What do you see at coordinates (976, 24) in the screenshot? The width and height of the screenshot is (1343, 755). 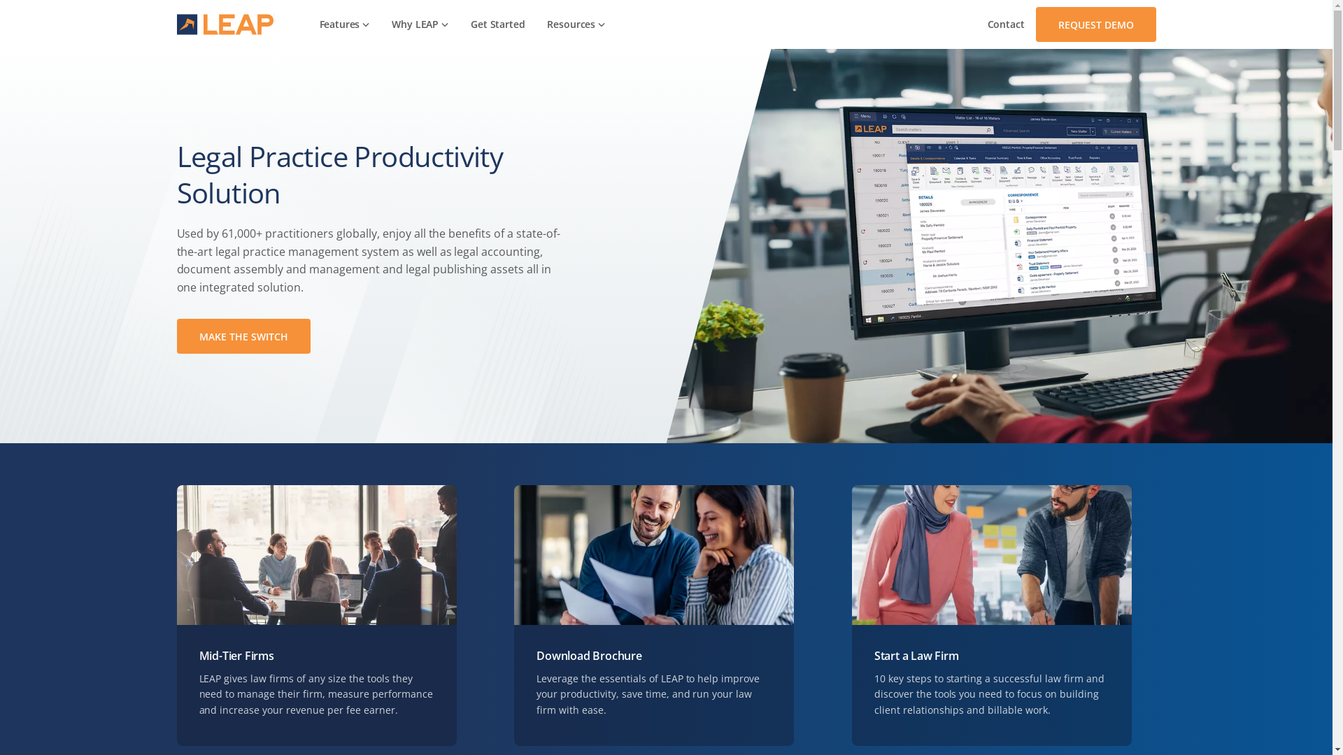 I see `'Contact'` at bounding box center [976, 24].